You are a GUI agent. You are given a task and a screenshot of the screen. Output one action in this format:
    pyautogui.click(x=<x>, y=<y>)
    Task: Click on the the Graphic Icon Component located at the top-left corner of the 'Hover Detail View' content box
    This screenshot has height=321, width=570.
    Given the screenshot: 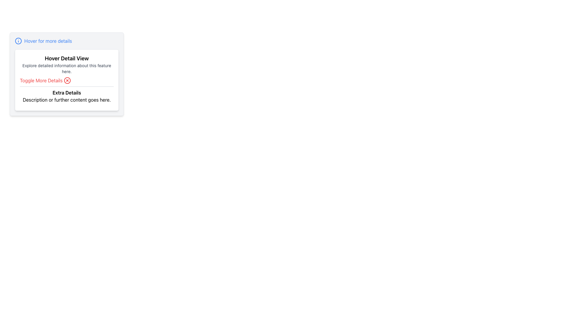 What is the action you would take?
    pyautogui.click(x=18, y=41)
    